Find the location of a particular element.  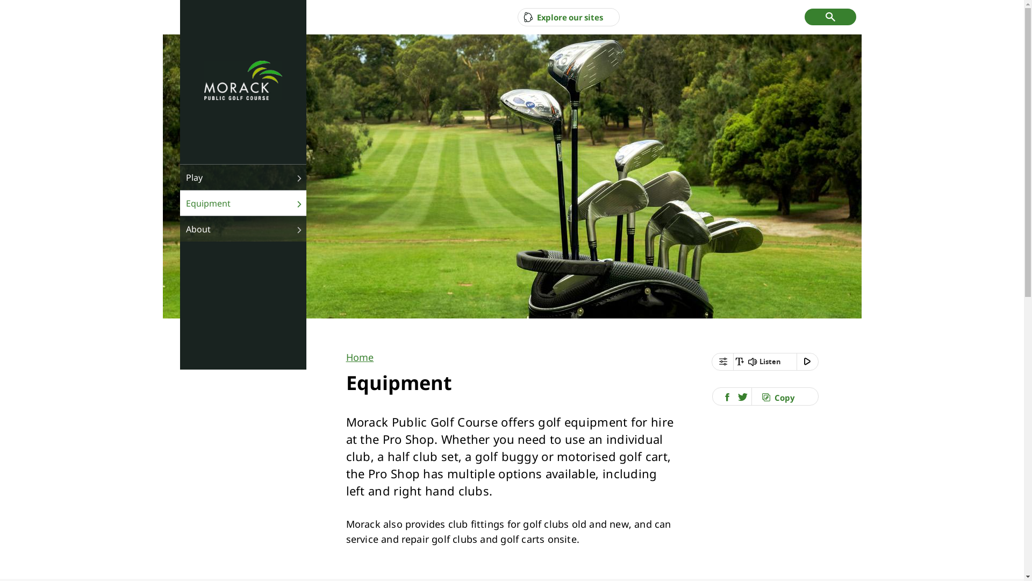

'webReader menu' is located at coordinates (712, 362).